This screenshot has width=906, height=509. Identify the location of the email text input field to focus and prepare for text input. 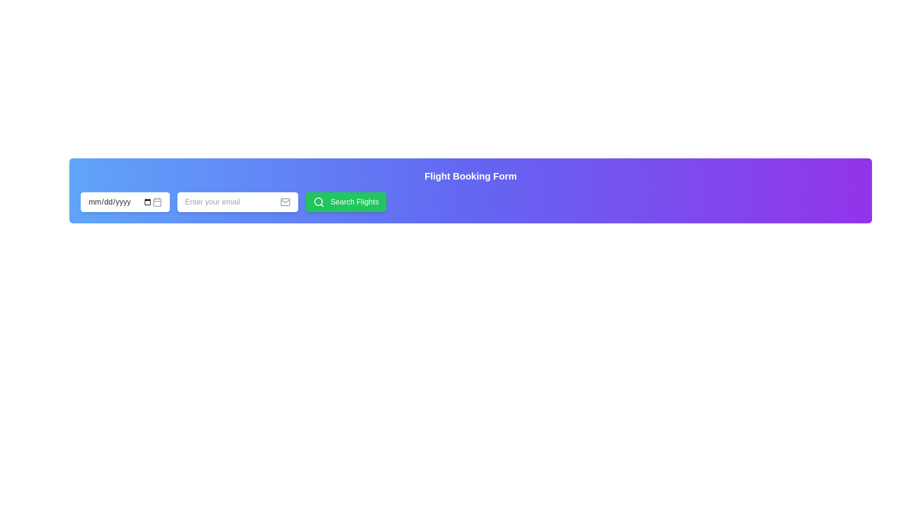
(233, 201).